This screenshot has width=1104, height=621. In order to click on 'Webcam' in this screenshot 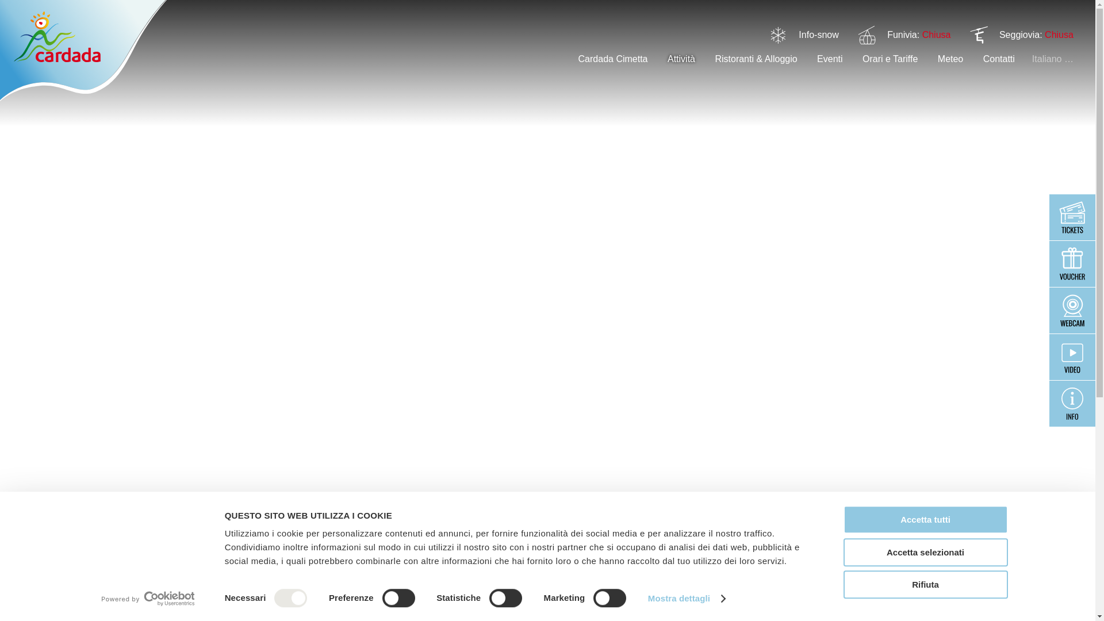, I will do `click(1072, 310)`.